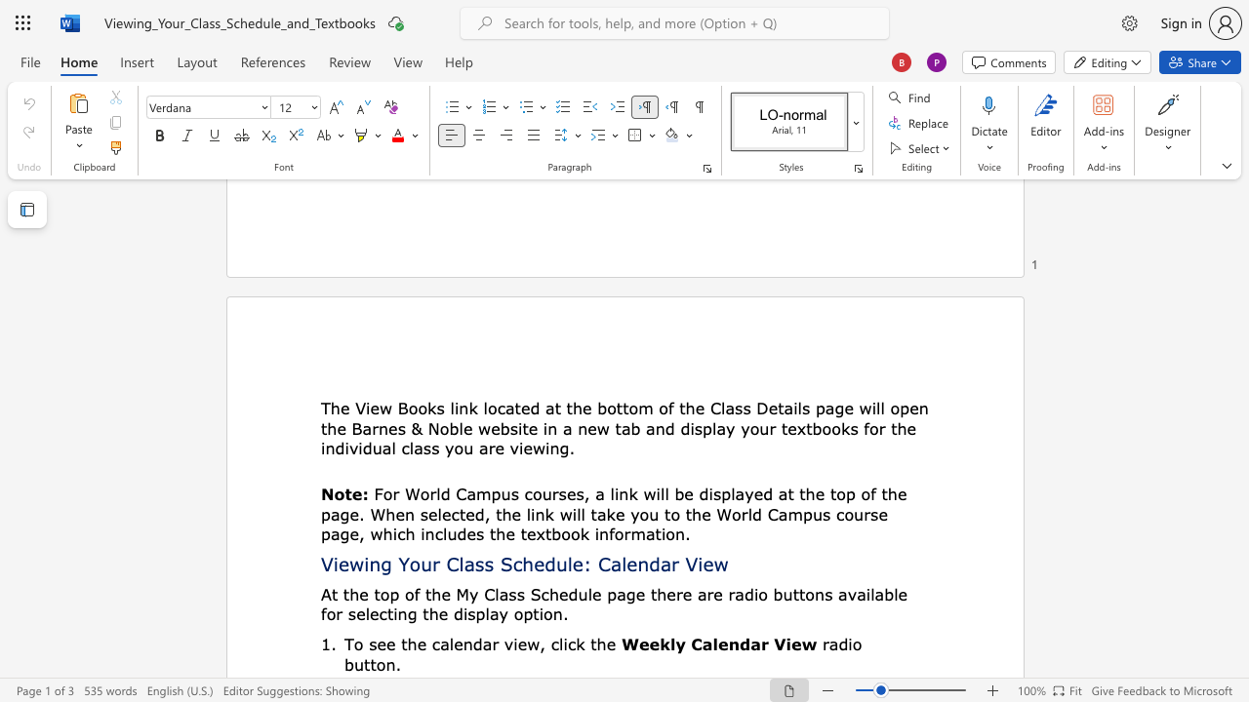  I want to click on the 1th character "s" in the text, so click(373, 643).